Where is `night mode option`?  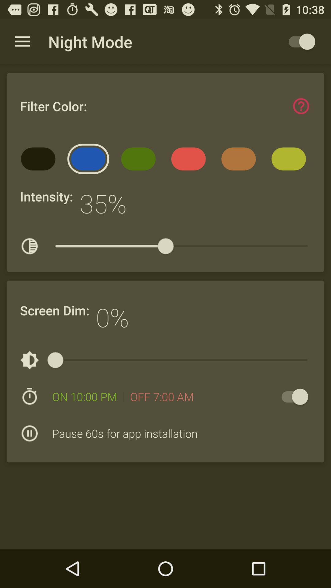 night mode option is located at coordinates (299, 41).